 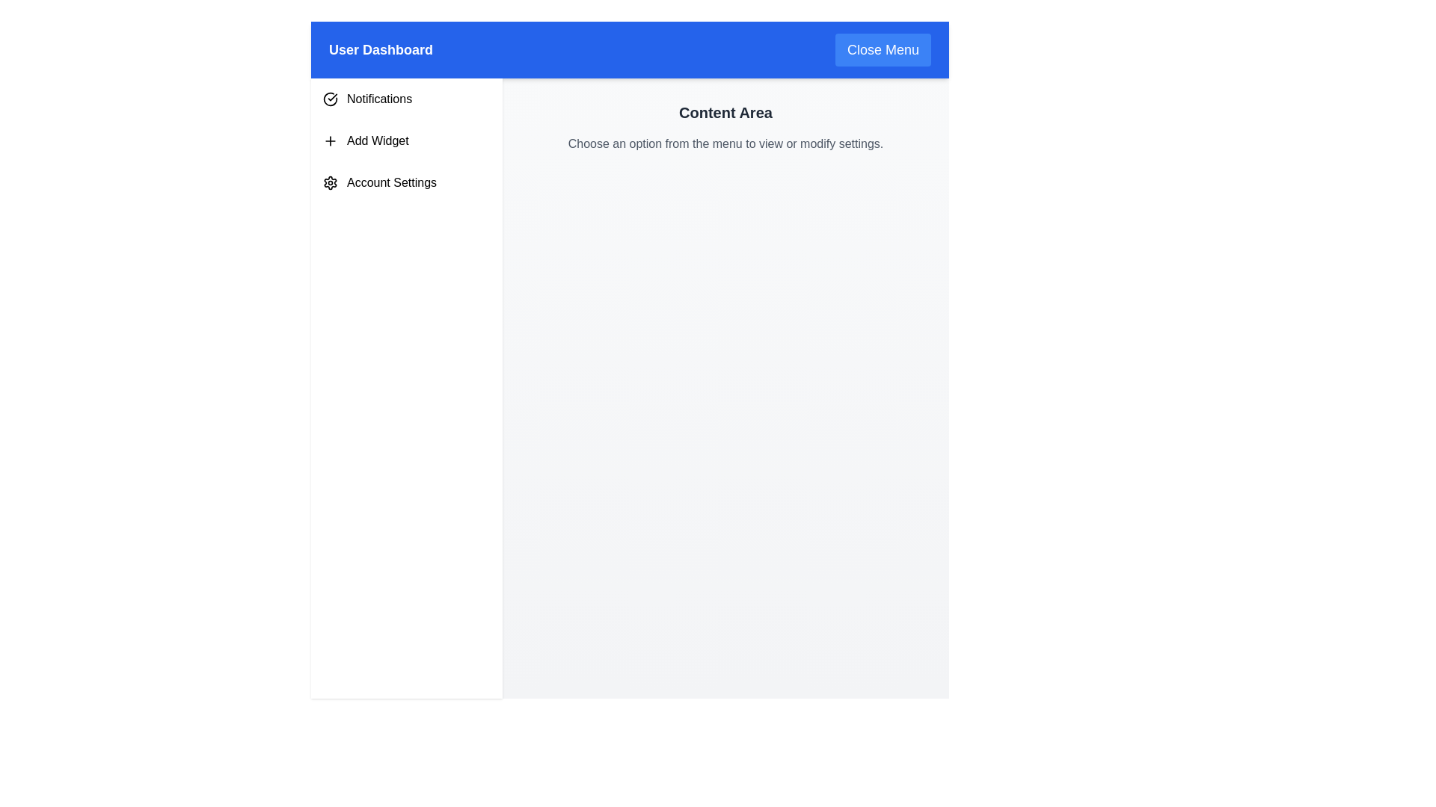 I want to click on the first icon in the navigation menu that indicates the active state of the 'Notifications' option, so click(x=329, y=99).